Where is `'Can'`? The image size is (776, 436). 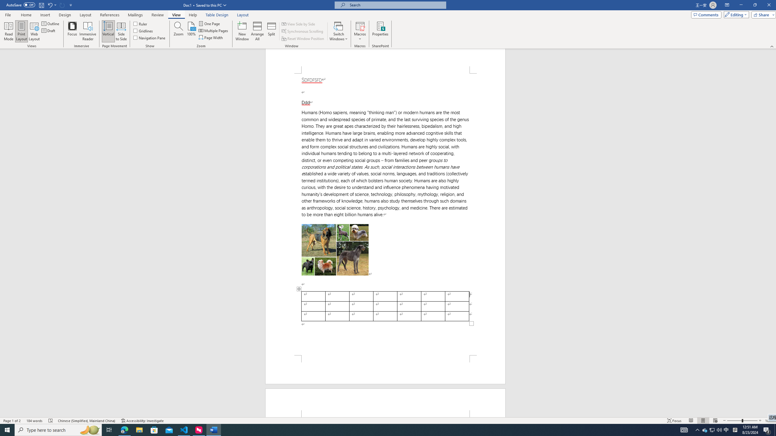
'Can' is located at coordinates (62, 5).